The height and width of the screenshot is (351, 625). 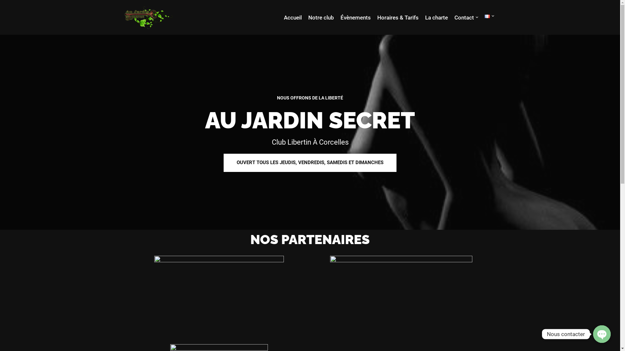 What do you see at coordinates (310, 162) in the screenshot?
I see `'OUVERT TOUS LES JEUDIS, VENDREDIS, SAMEDIS ET DIMANCHES'` at bounding box center [310, 162].